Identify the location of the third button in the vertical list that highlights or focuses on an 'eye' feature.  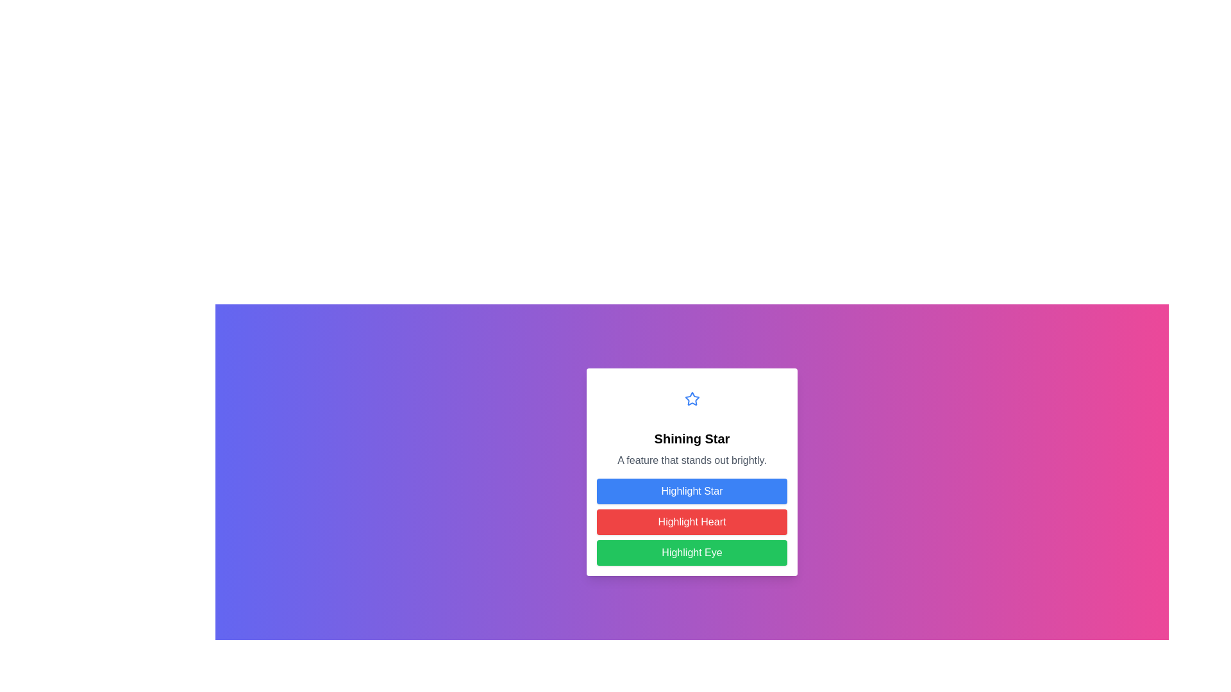
(691, 552).